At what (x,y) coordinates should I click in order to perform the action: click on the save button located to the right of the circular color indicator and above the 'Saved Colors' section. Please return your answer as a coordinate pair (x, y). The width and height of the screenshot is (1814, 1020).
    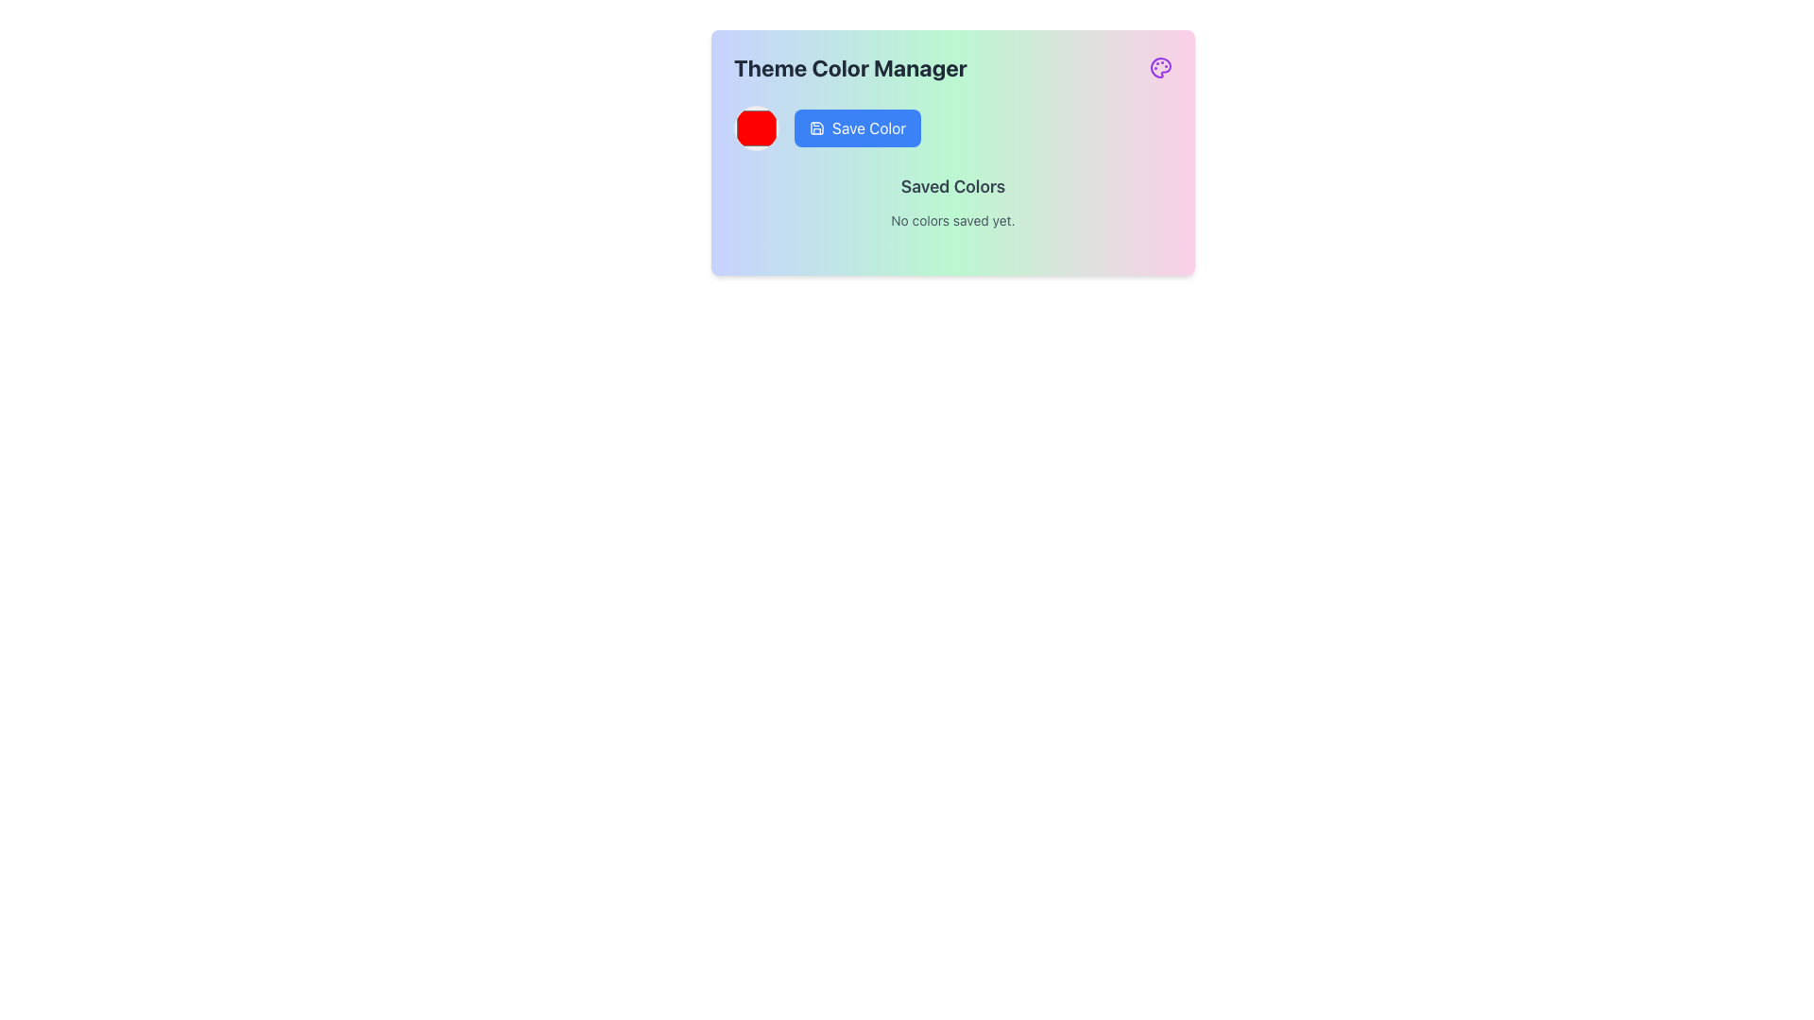
    Looking at the image, I should click on (856, 127).